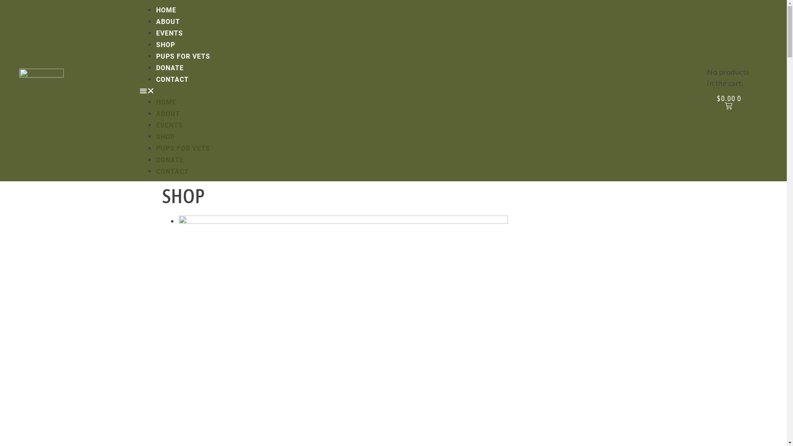  Describe the element at coordinates (166, 102) in the screenshot. I see `'HOME'` at that location.